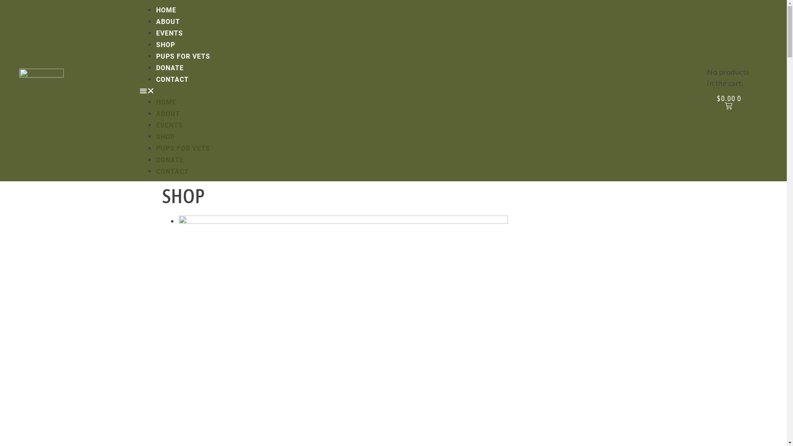  Describe the element at coordinates (166, 102) in the screenshot. I see `'HOME'` at that location.